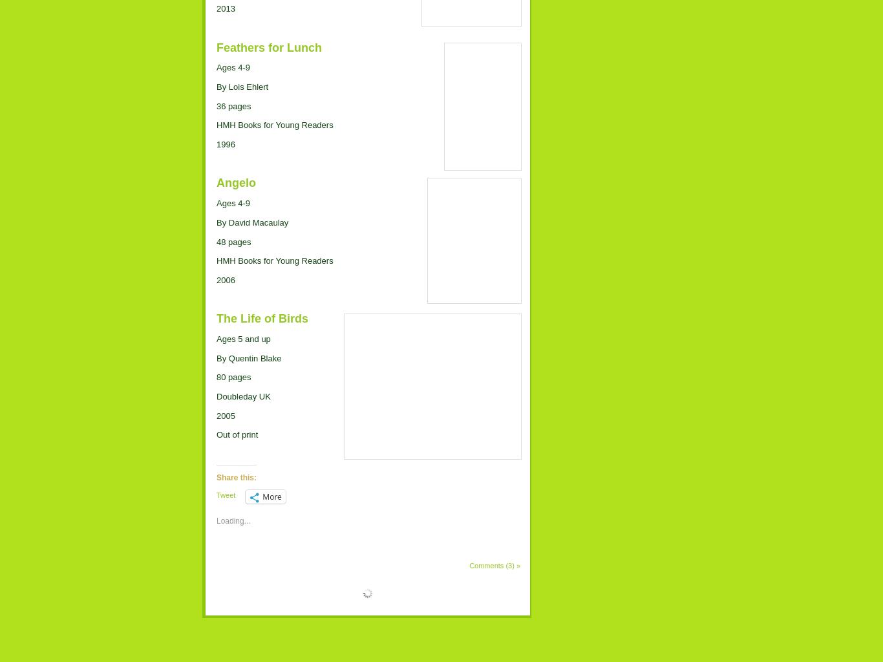  I want to click on 'Doubleday UK', so click(242, 396).